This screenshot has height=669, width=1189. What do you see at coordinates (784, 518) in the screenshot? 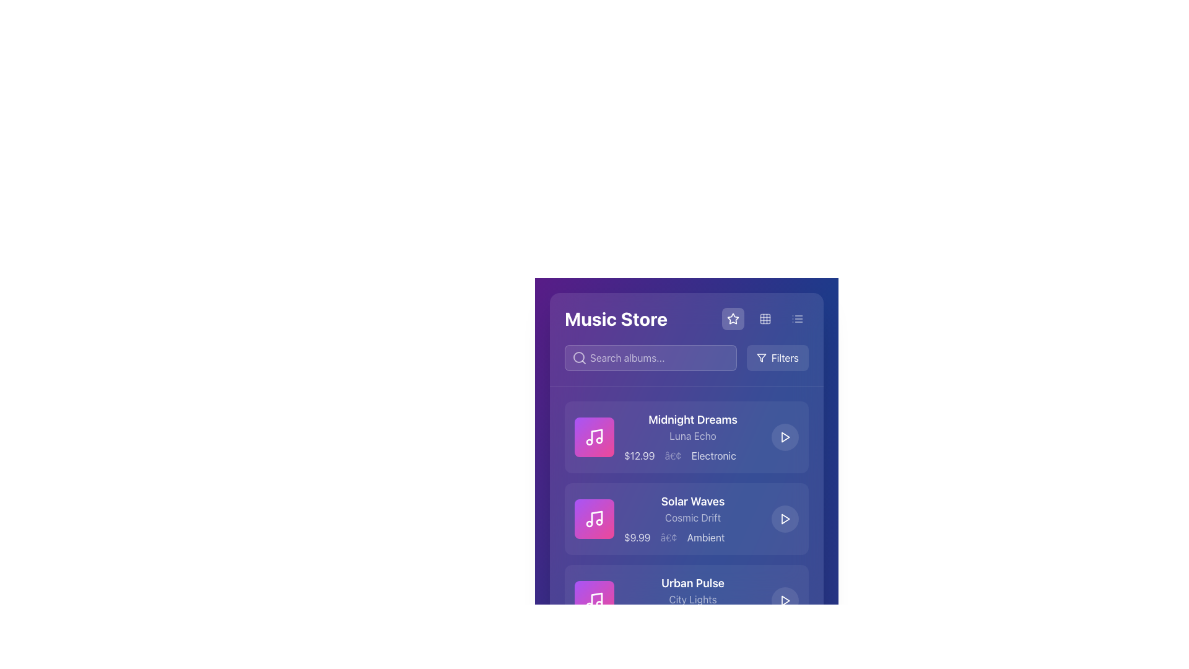
I see `the triangular play icon button located in the third row of the 'Solar Waves' album entry for tooltip or highlight` at bounding box center [784, 518].